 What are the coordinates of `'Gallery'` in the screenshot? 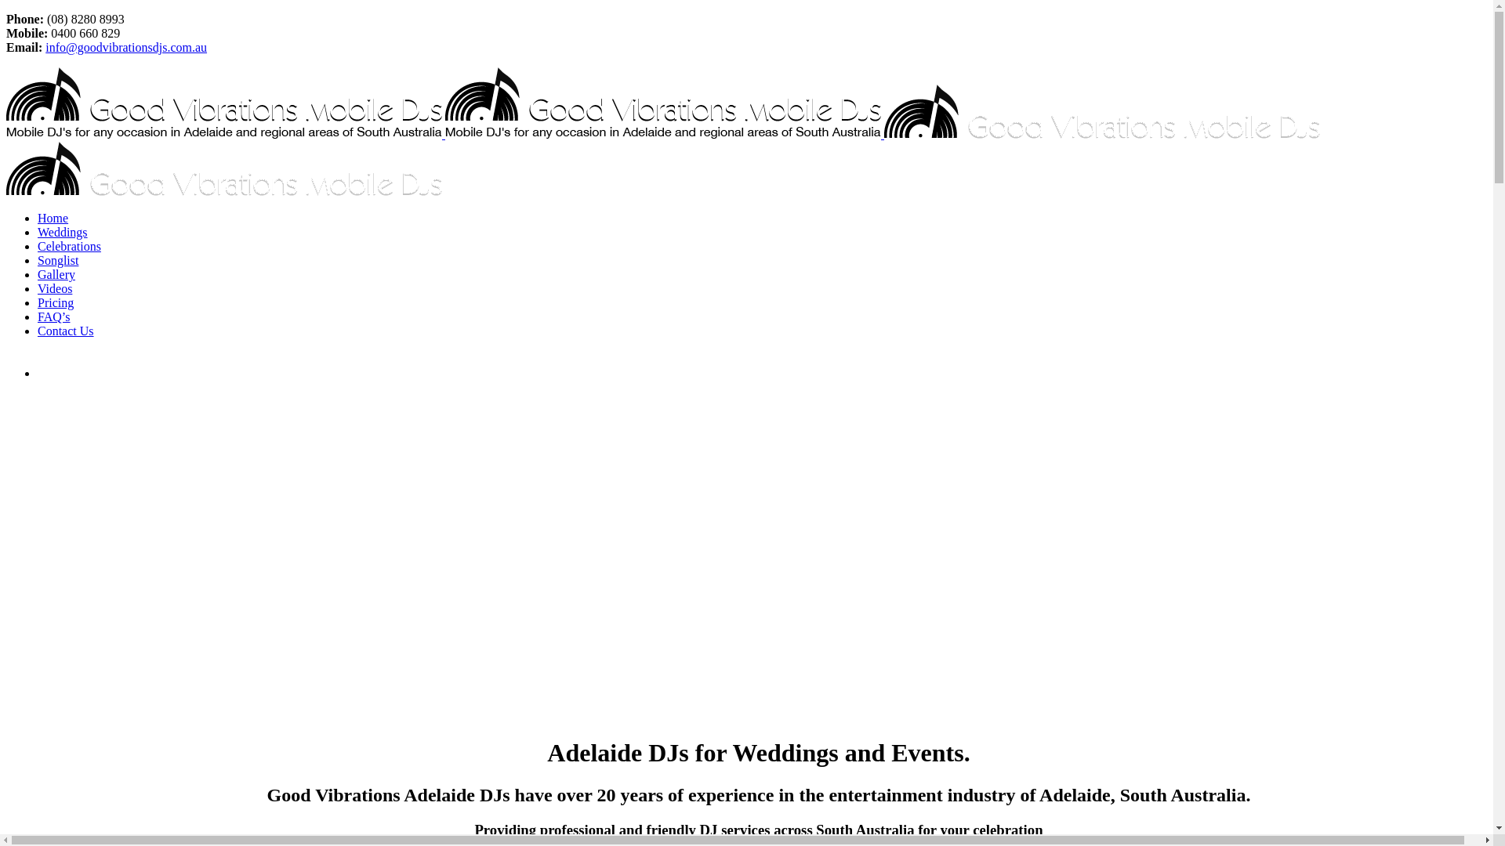 It's located at (56, 273).